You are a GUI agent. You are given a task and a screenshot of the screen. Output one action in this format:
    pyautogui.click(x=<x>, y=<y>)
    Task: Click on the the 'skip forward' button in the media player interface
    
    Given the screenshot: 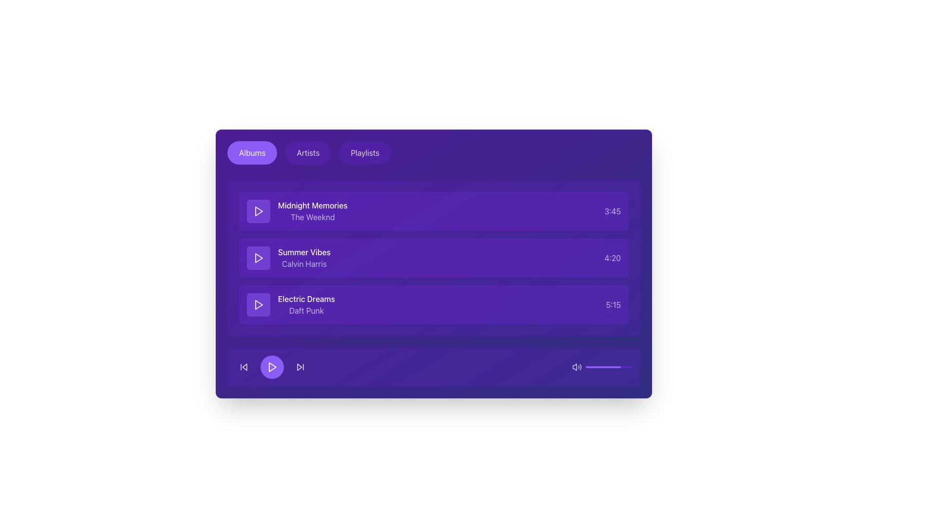 What is the action you would take?
    pyautogui.click(x=299, y=367)
    